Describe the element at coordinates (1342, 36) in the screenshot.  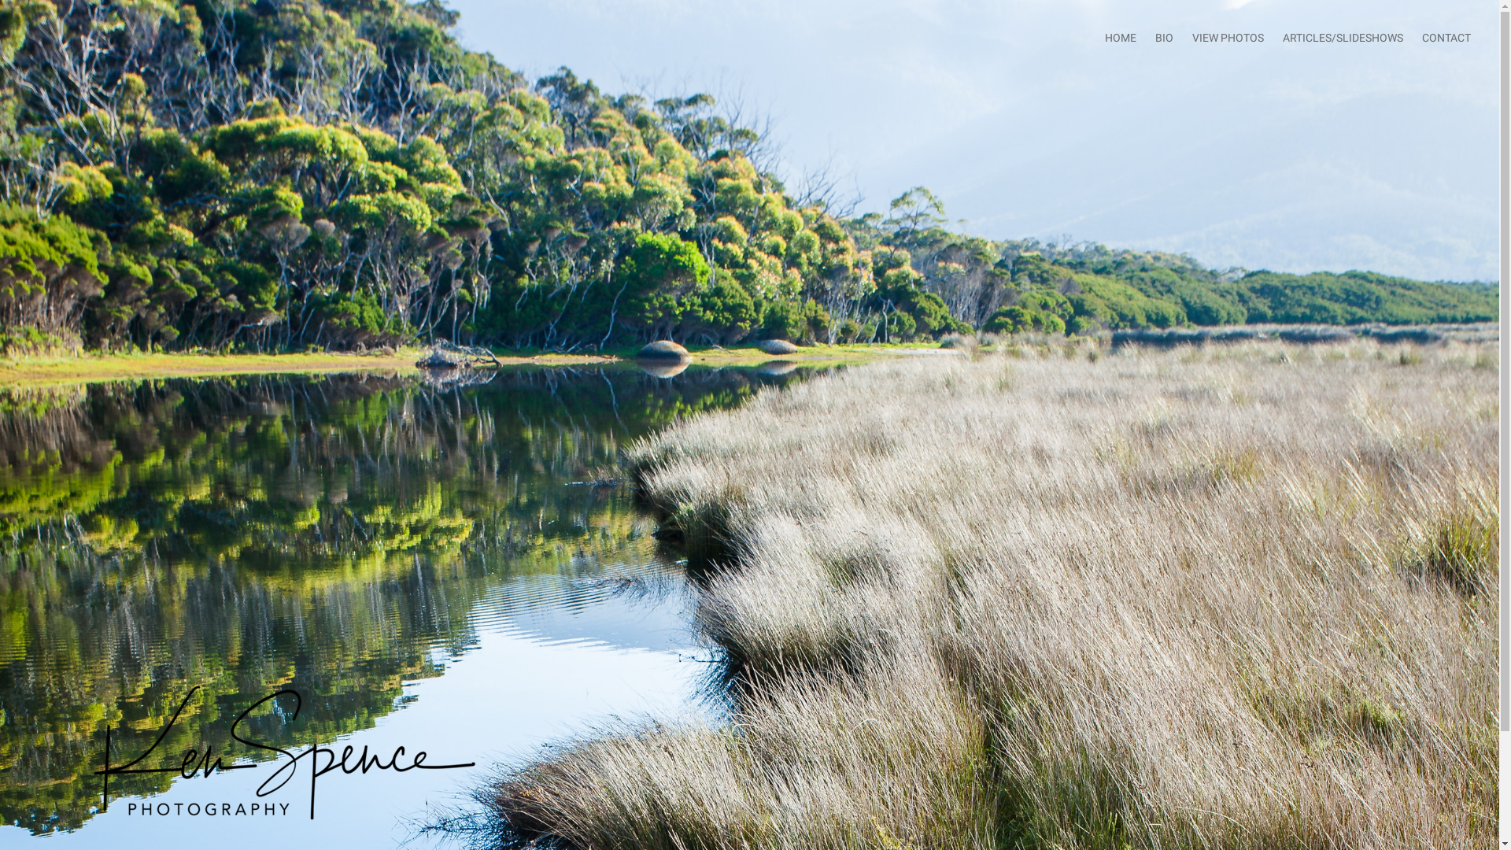
I see `'ARTICLES/SLIDESHOWS'` at that location.